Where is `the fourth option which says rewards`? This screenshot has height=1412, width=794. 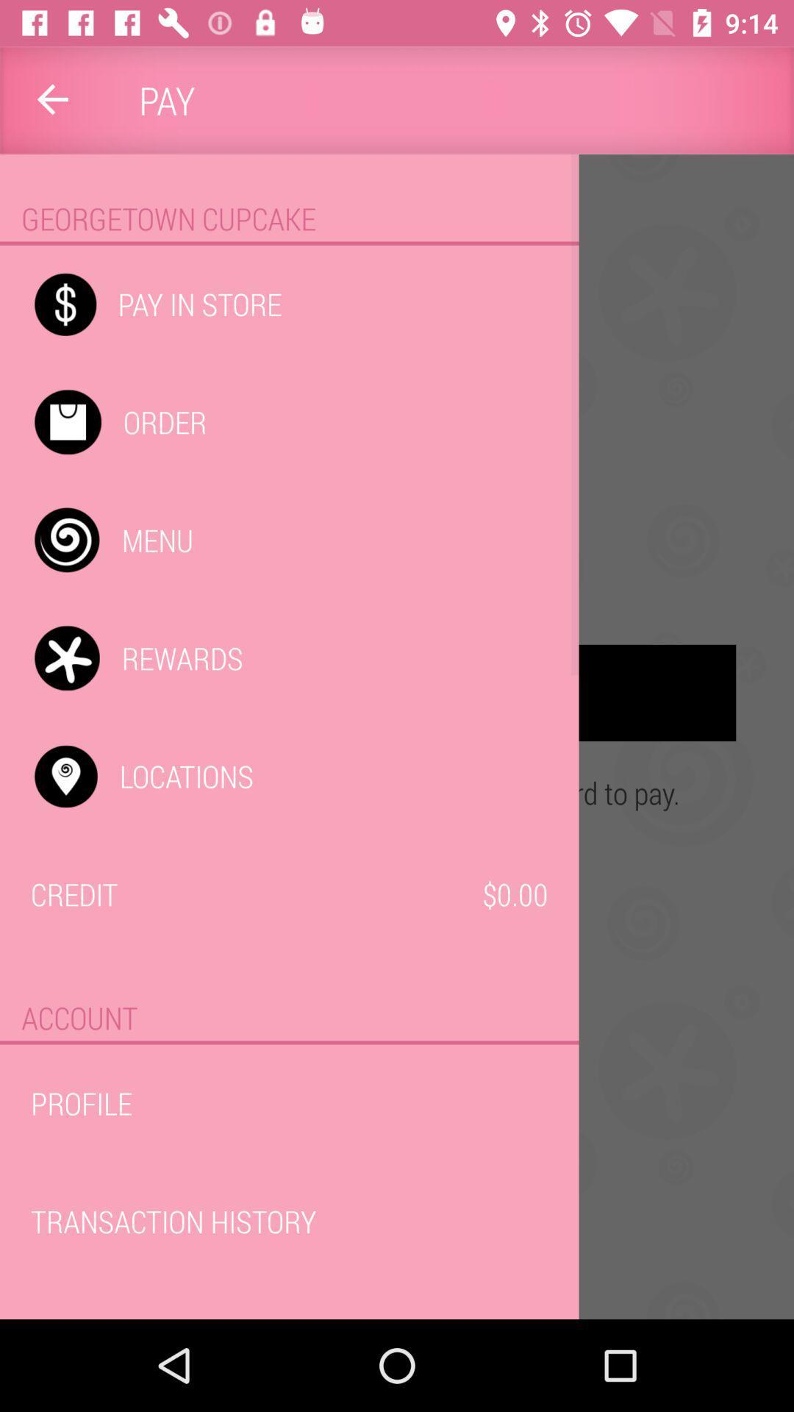
the fourth option which says rewards is located at coordinates (397, 692).